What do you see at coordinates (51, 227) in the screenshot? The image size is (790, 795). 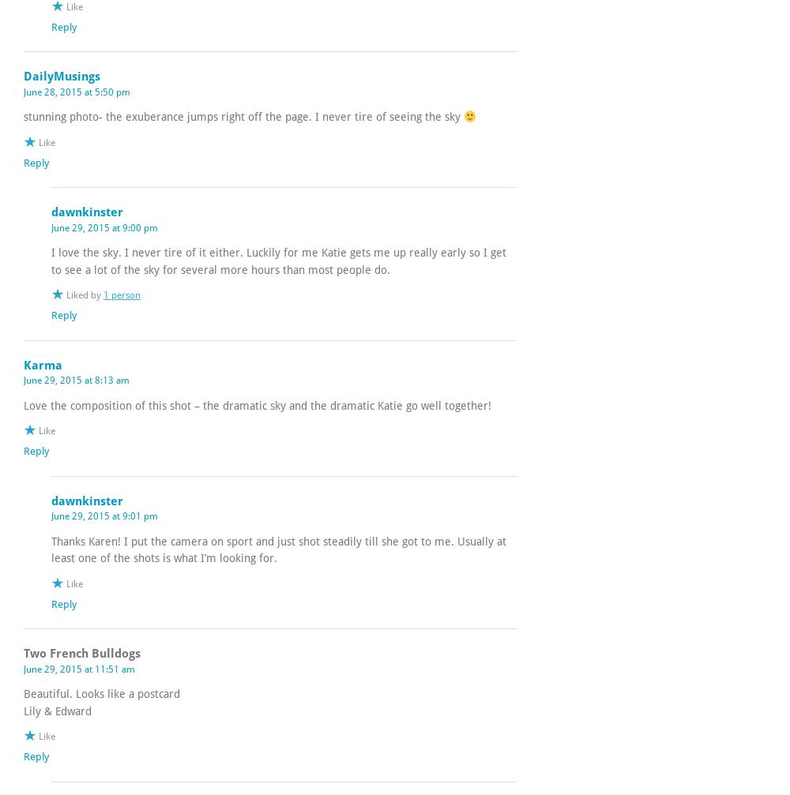 I see `'June 29, 2015 at 9:00 pm'` at bounding box center [51, 227].